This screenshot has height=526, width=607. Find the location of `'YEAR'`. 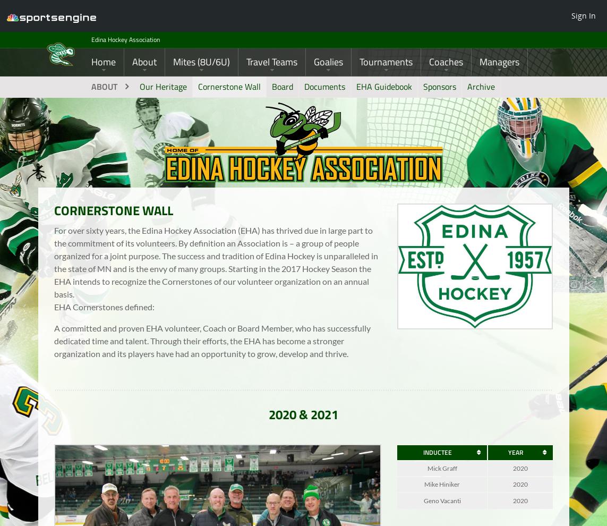

'YEAR' is located at coordinates (515, 459).